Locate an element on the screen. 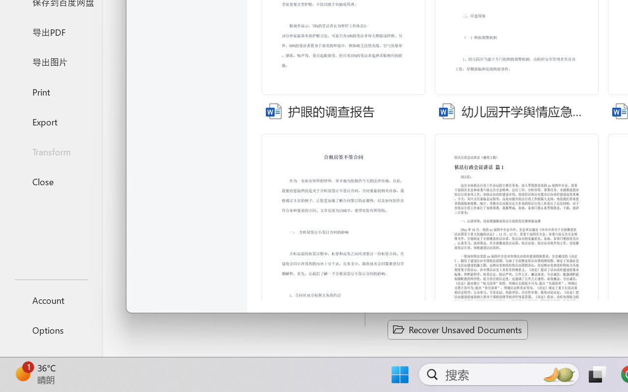 This screenshot has width=628, height=392. 'Recover Unsaved Documents' is located at coordinates (457, 329).